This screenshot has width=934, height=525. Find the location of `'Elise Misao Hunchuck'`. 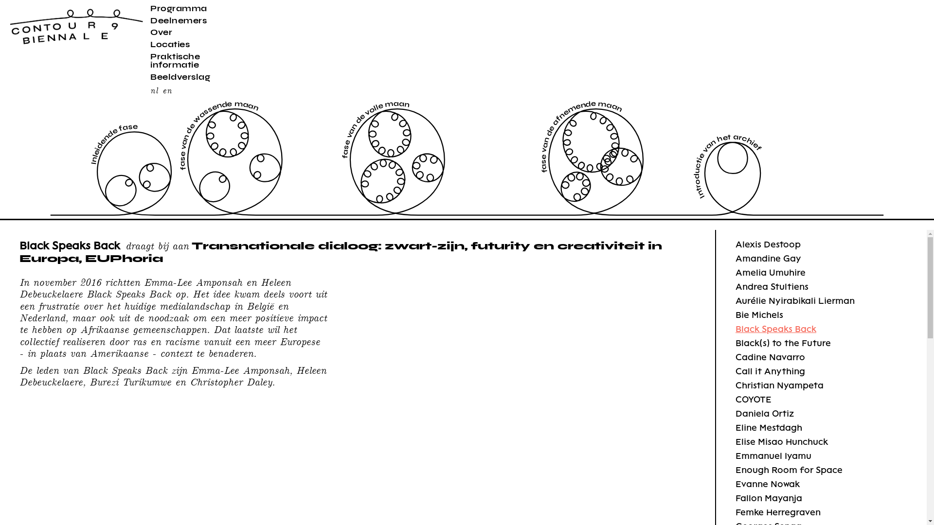

'Elise Misao Hunchuck' is located at coordinates (782, 441).